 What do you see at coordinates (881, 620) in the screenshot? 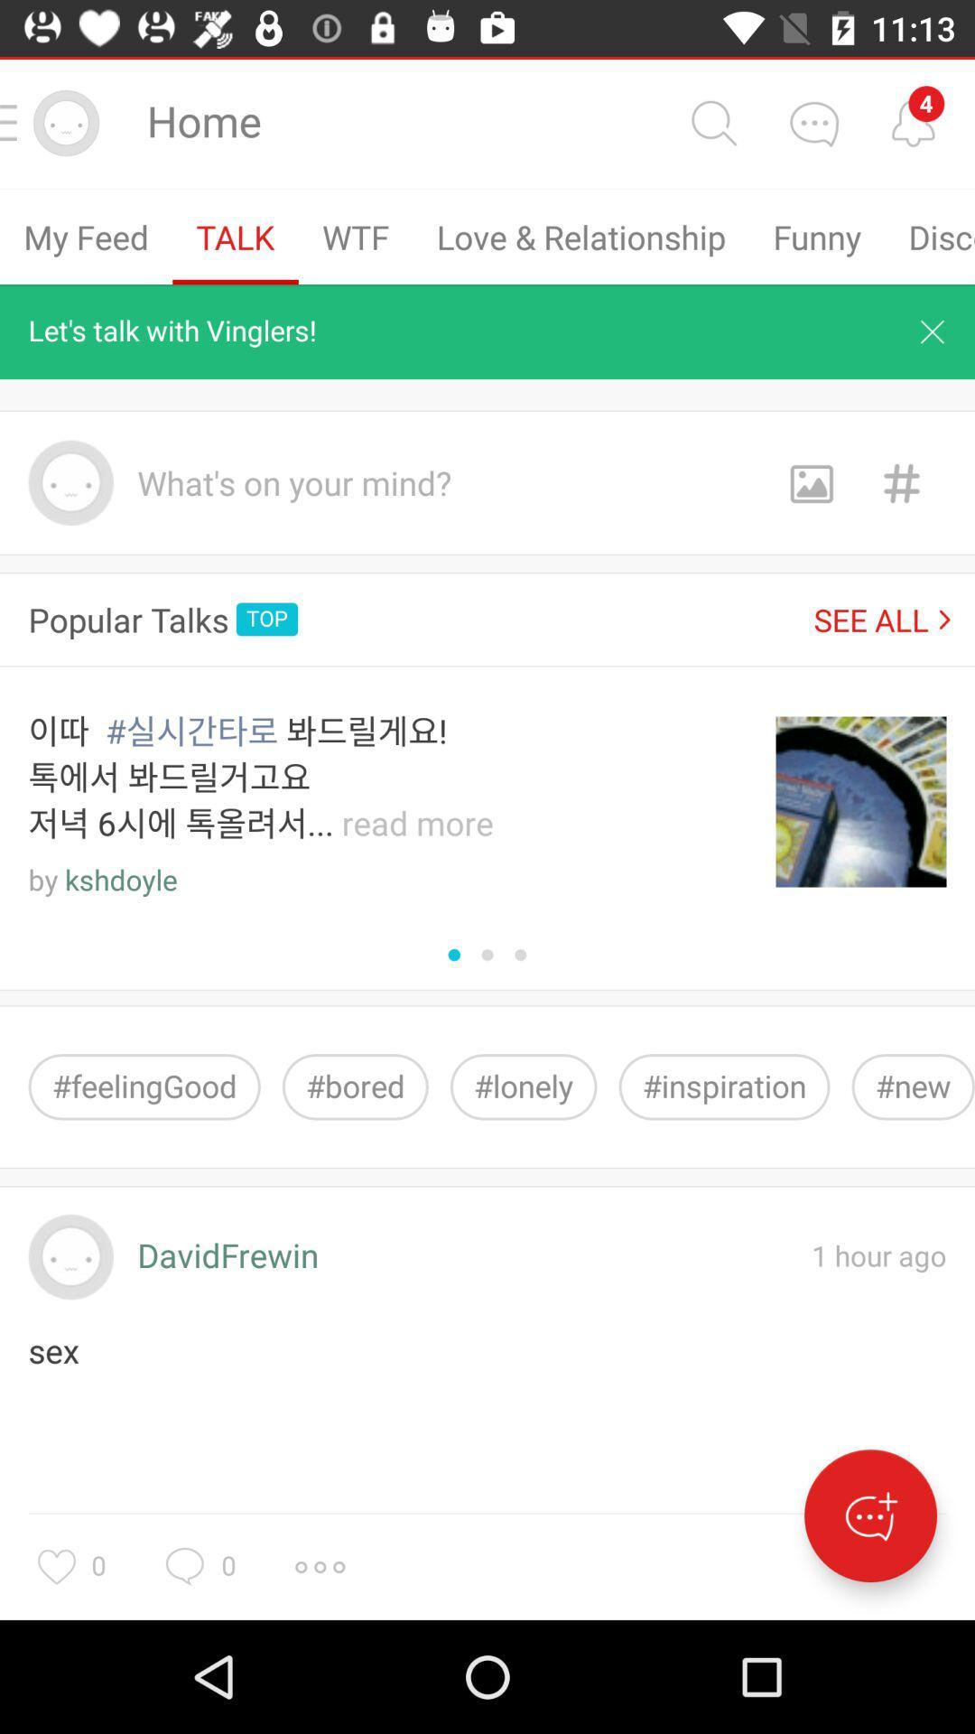
I see `see all icon` at bounding box center [881, 620].